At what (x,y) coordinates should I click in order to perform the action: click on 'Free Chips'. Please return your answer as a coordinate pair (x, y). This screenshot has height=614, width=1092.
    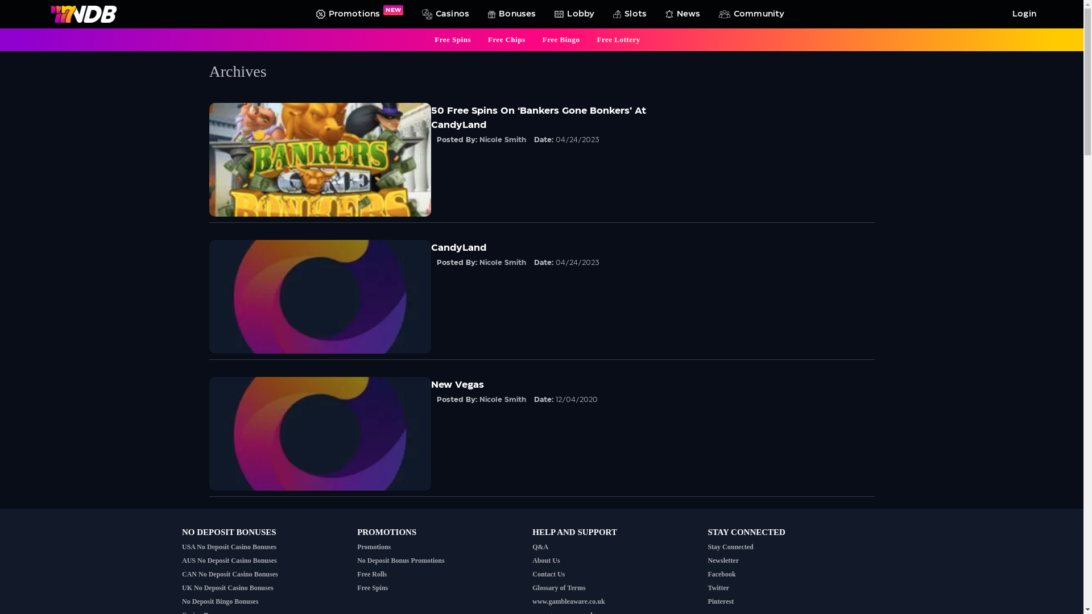
    Looking at the image, I should click on (506, 39).